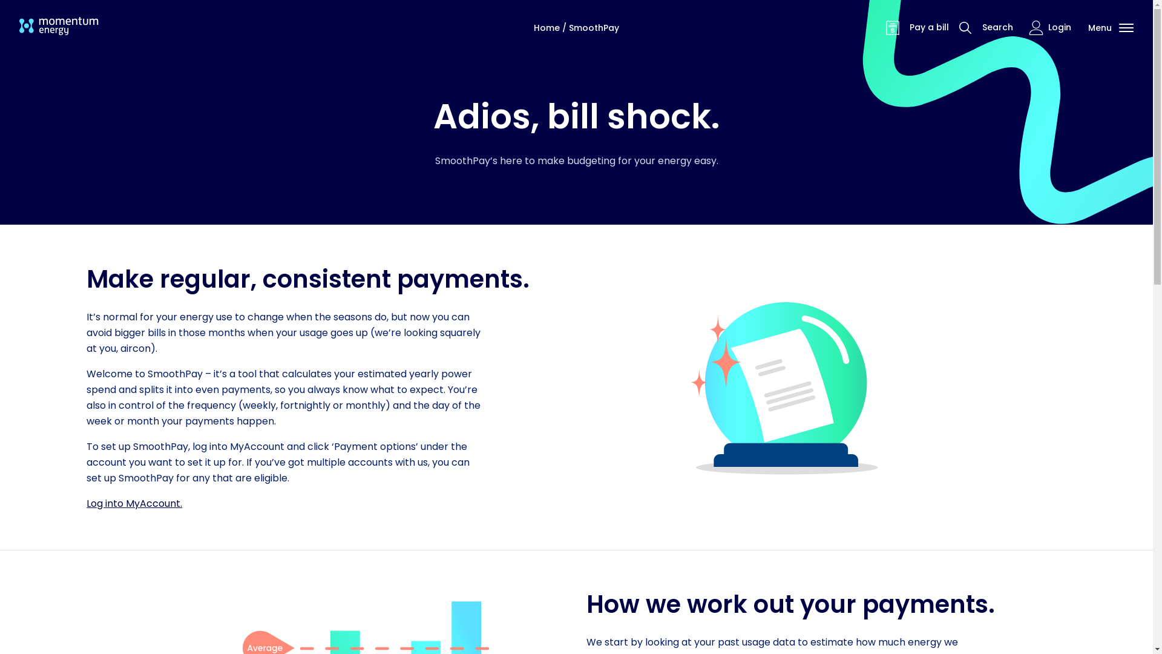  I want to click on 'Login', so click(1025, 27).